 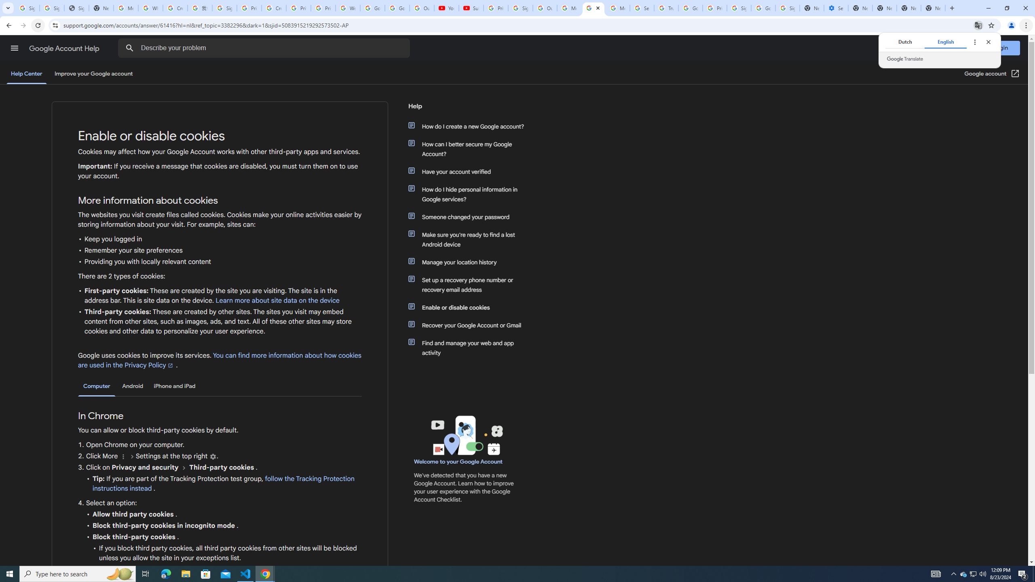 I want to click on 'Google Account Help', so click(x=65, y=48).